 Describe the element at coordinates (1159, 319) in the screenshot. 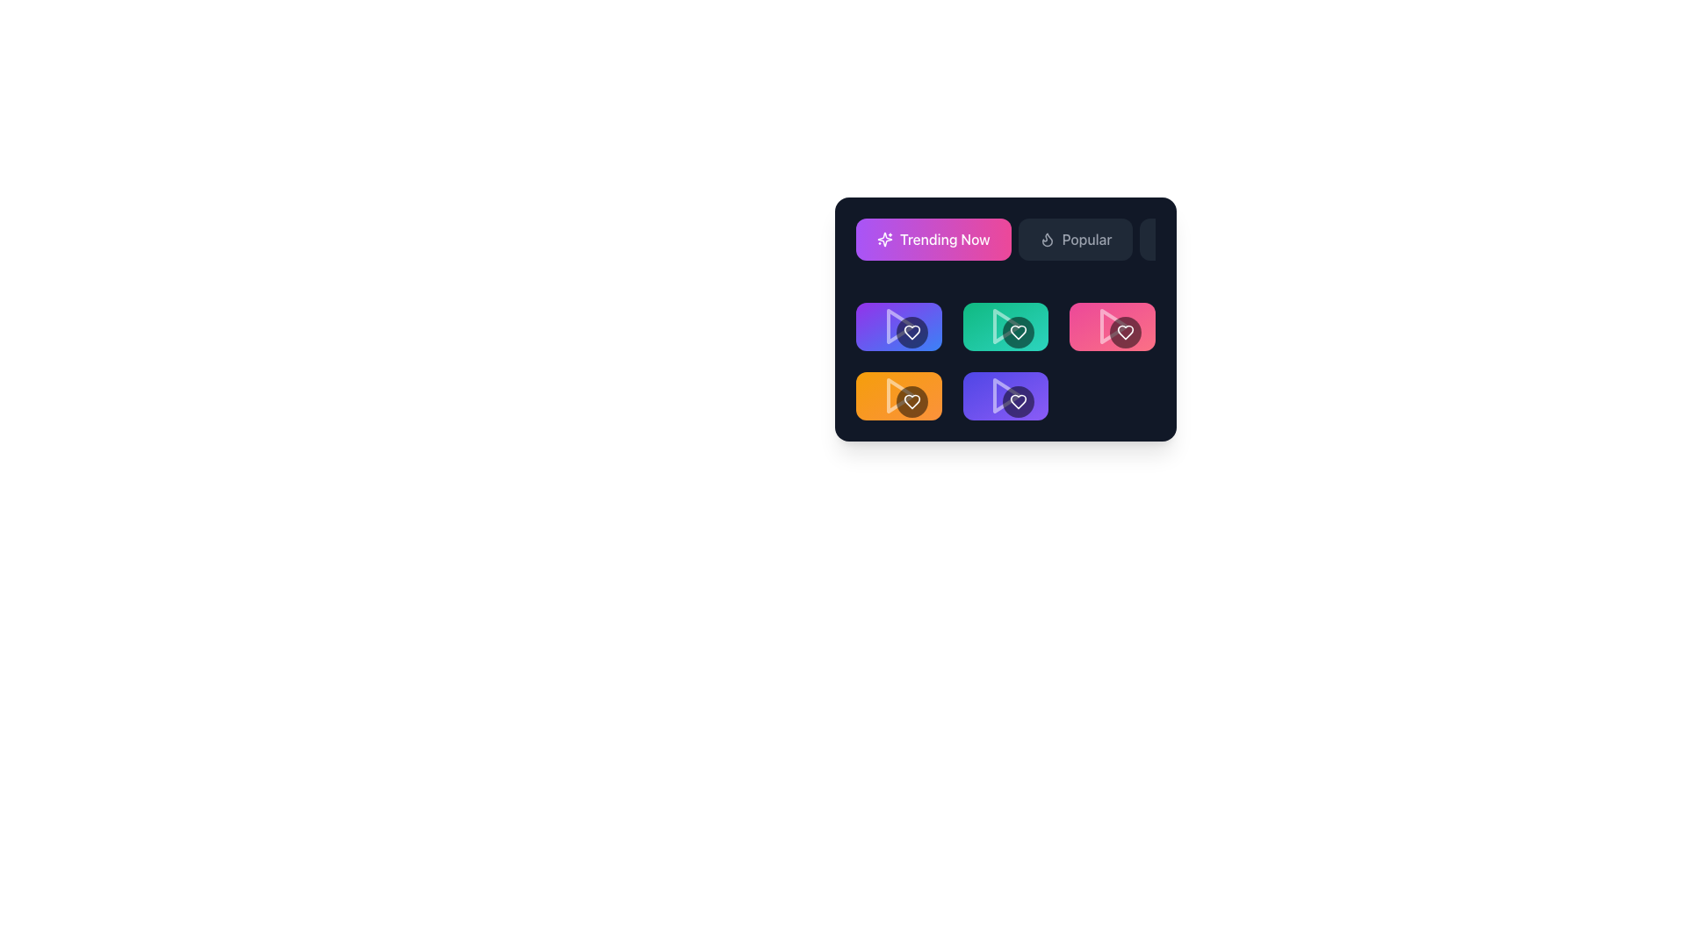

I see `the bookmark icon (SVG) located in the rightmost pink card of the media grid under the 'Trending Now' and 'Popular' tabs` at that location.